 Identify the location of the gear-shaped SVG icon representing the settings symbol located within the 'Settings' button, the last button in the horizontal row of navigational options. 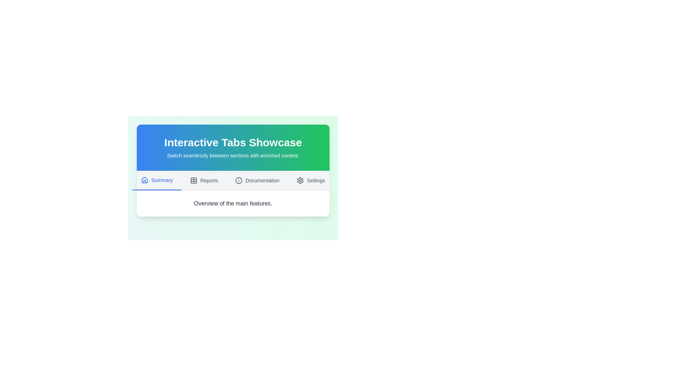
(300, 180).